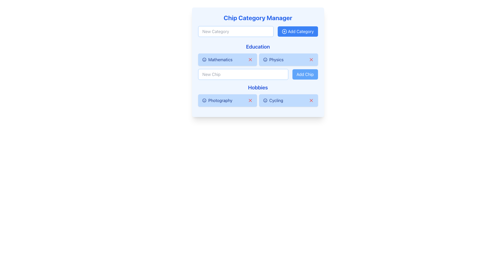 The width and height of the screenshot is (496, 279). I want to click on the smiling face icon located within the 'Physics' chip in the 'Education' section, so click(265, 59).